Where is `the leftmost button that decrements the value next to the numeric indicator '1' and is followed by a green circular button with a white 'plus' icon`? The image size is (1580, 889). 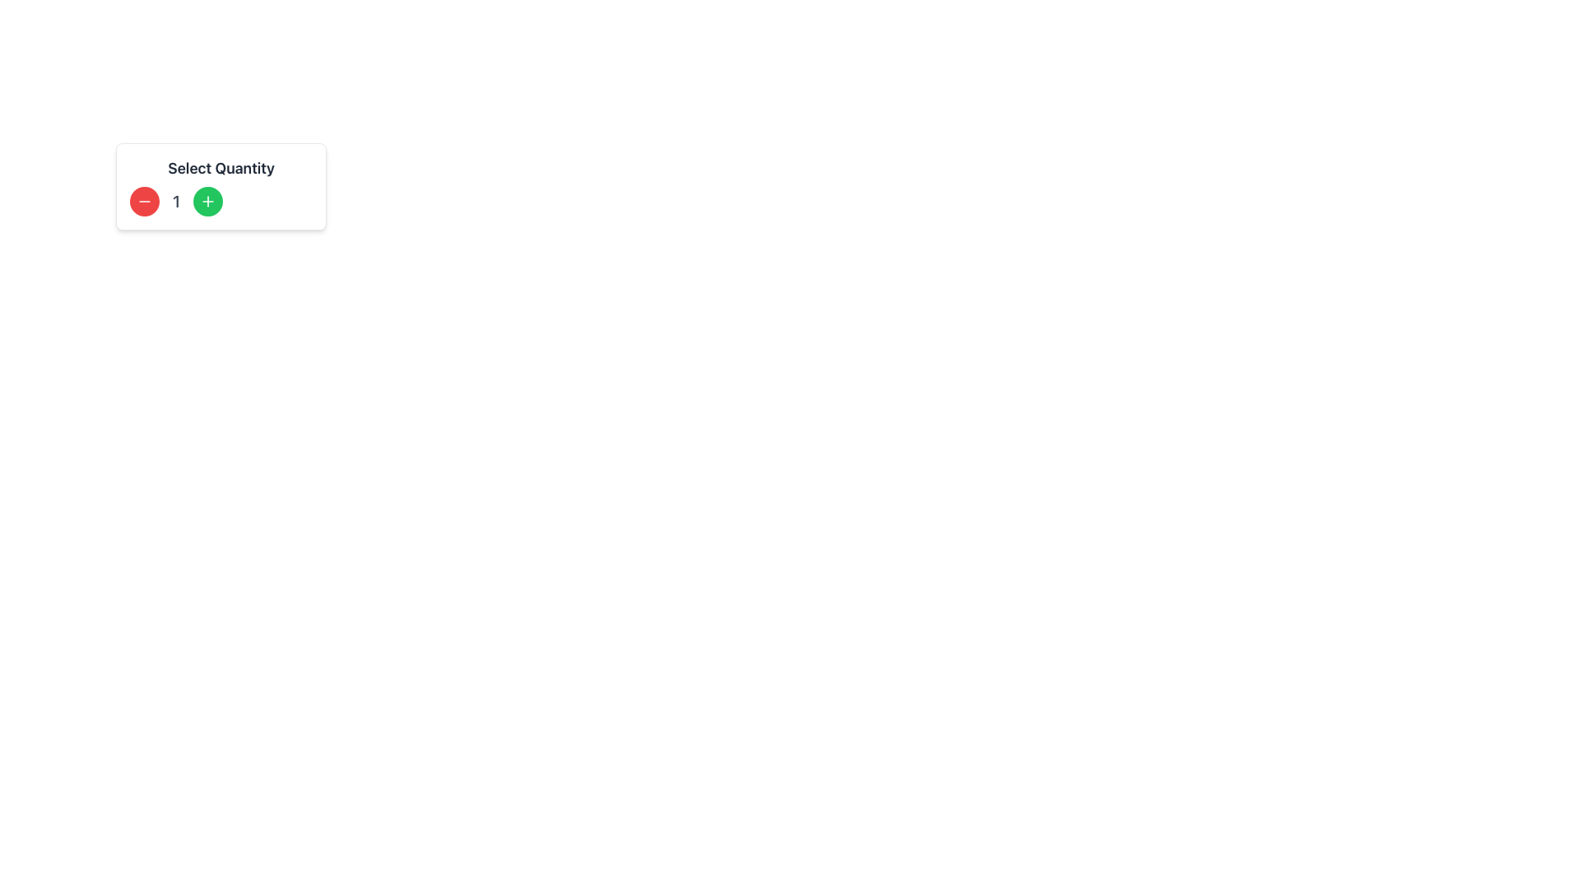
the leftmost button that decrements the value next to the numeric indicator '1' and is followed by a green circular button with a white 'plus' icon is located at coordinates (145, 201).